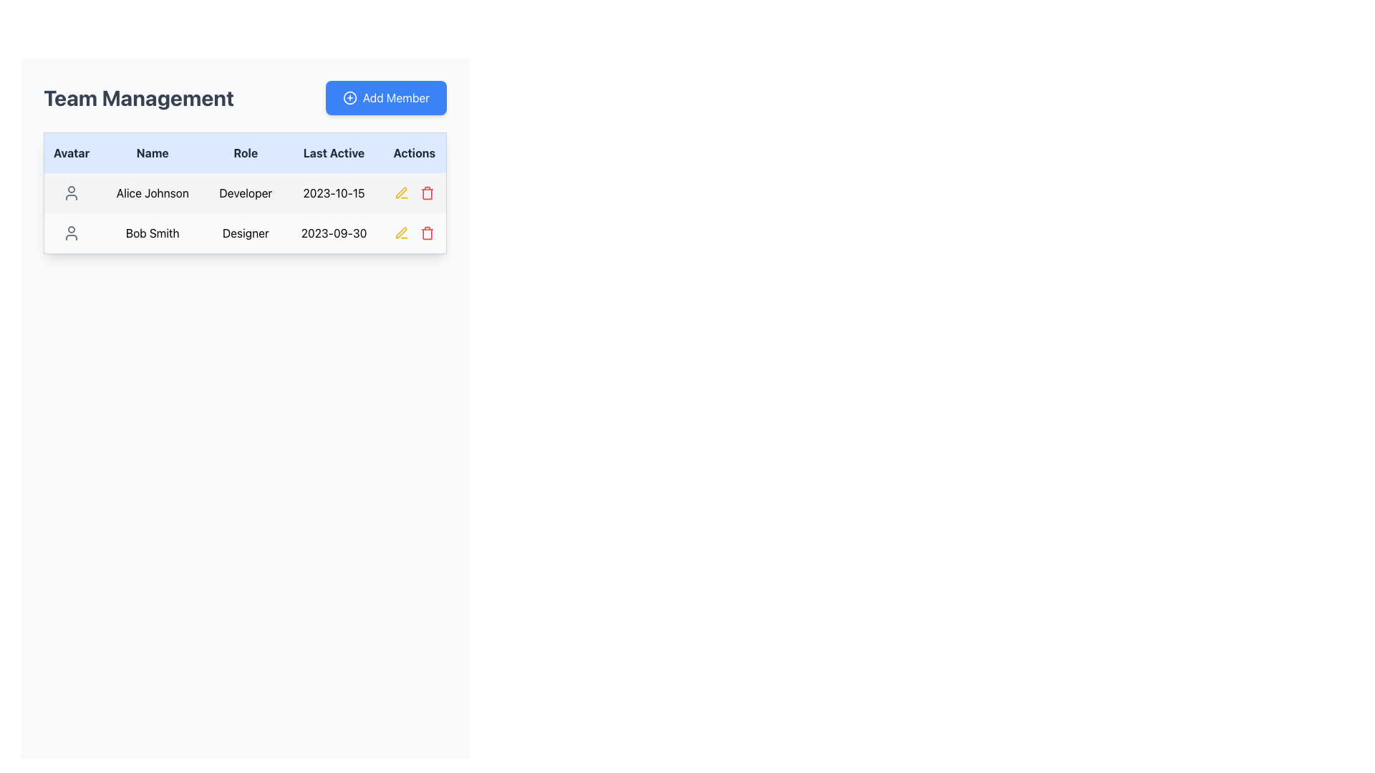 The height and width of the screenshot is (773, 1375). Describe the element at coordinates (71, 193) in the screenshot. I see `the user icon graphic representing Alice Johnson in the Avatar column of the table` at that location.